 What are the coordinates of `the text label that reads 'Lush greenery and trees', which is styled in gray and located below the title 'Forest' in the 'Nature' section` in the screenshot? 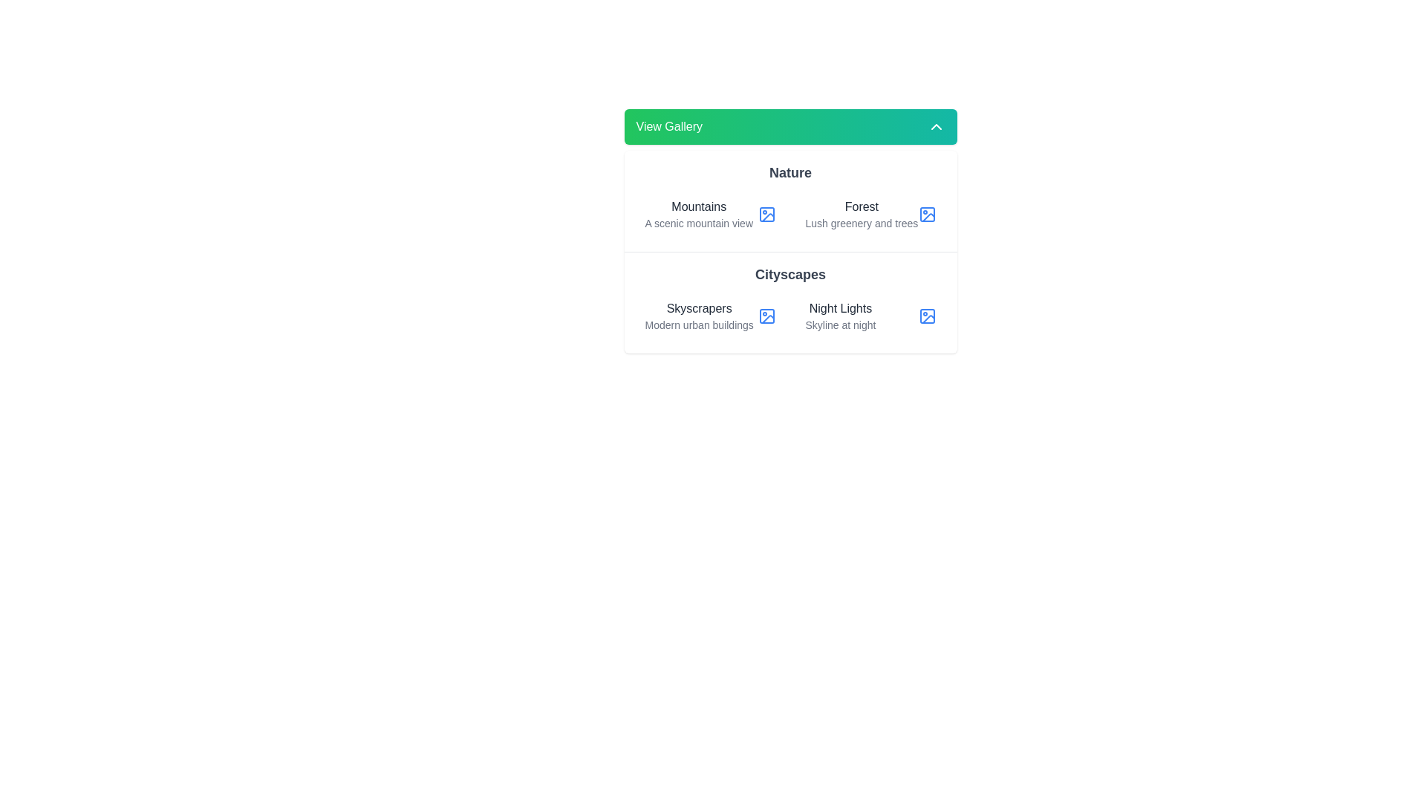 It's located at (862, 223).